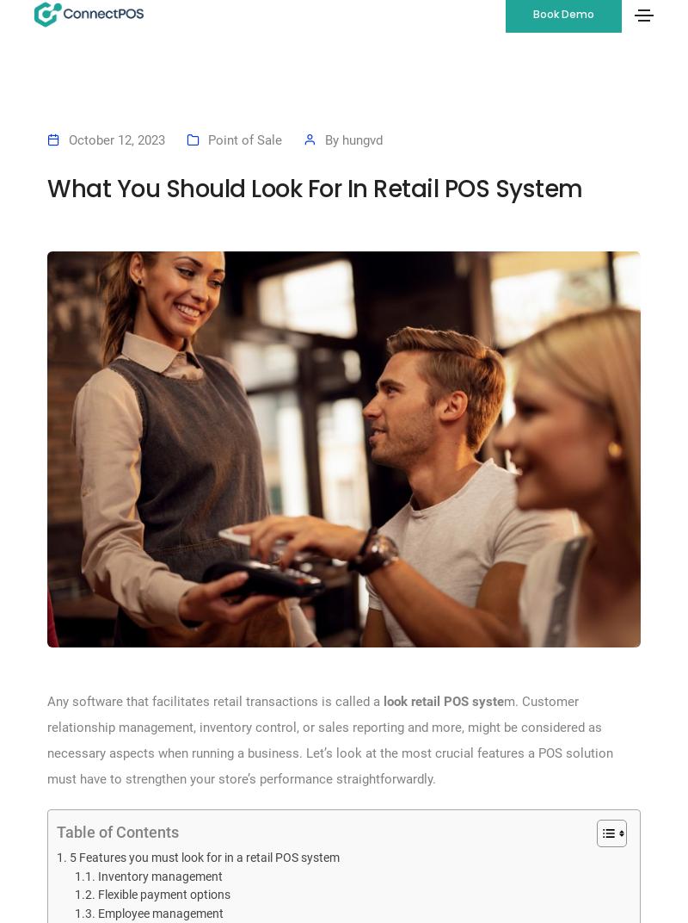  What do you see at coordinates (362, 139) in the screenshot?
I see `'hungvd'` at bounding box center [362, 139].